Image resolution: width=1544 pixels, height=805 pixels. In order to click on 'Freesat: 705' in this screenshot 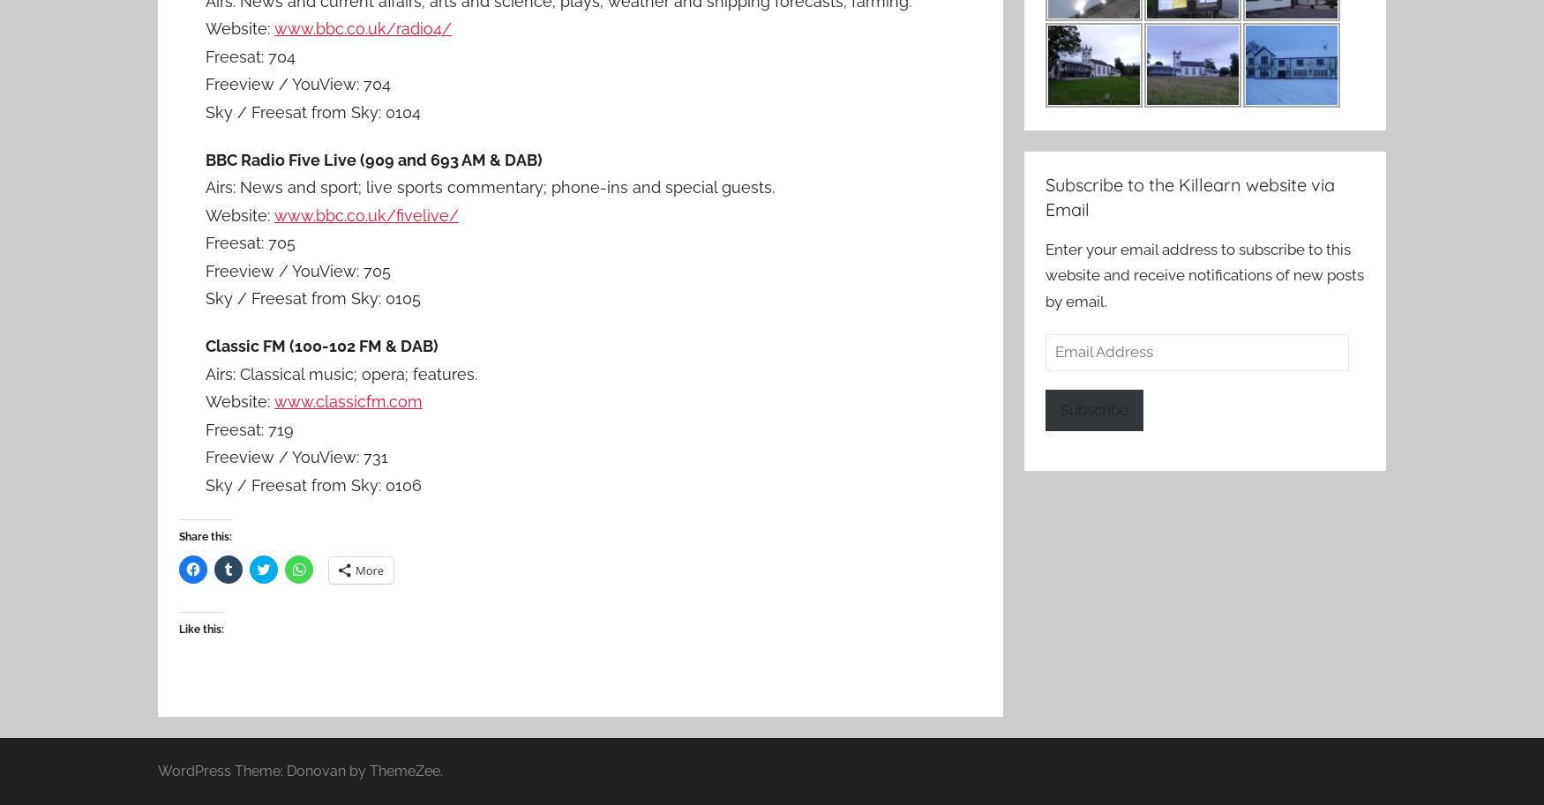, I will do `click(250, 242)`.